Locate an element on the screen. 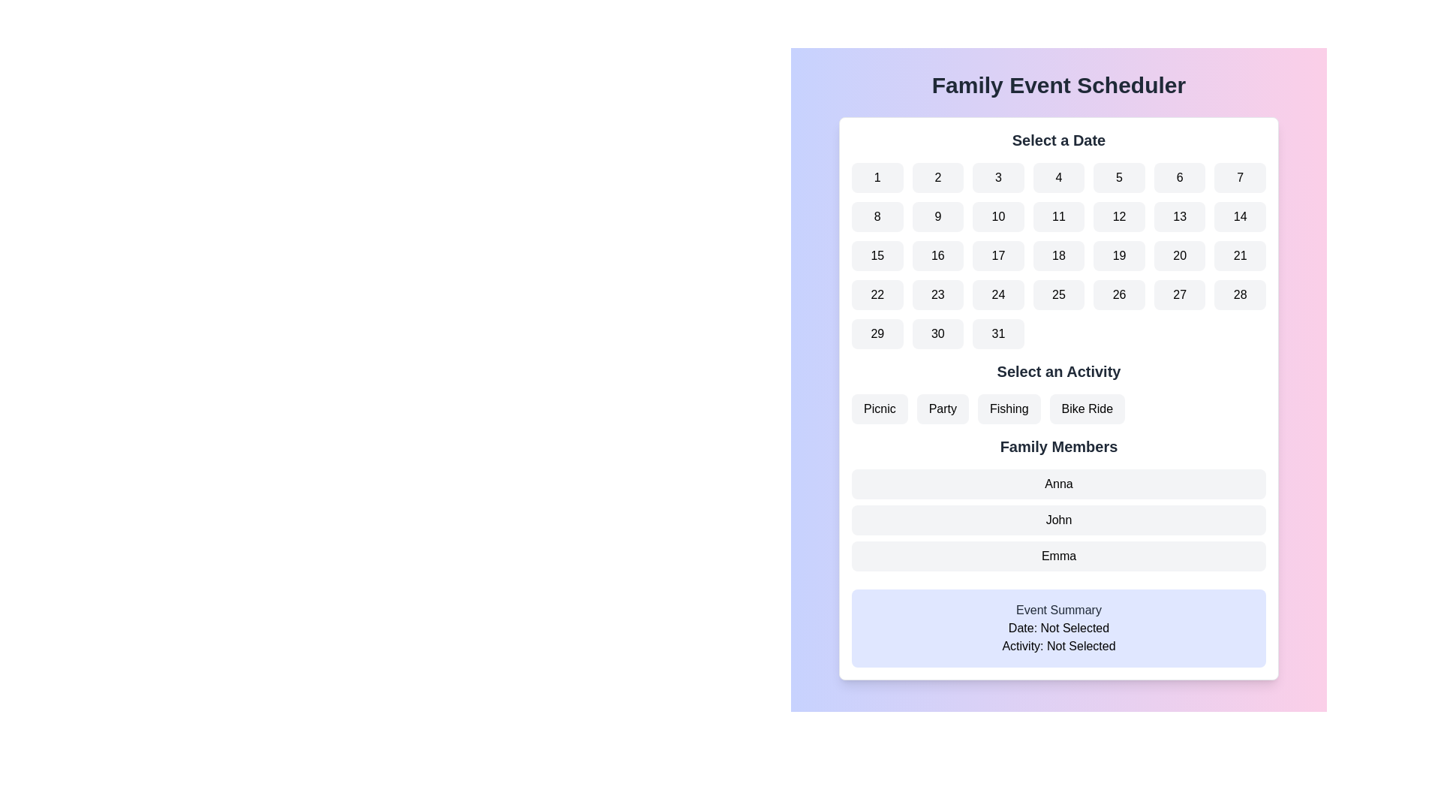 The height and width of the screenshot is (811, 1441). the rounded rectangular button containing the number '26' with a light gray background is located at coordinates (1119, 295).